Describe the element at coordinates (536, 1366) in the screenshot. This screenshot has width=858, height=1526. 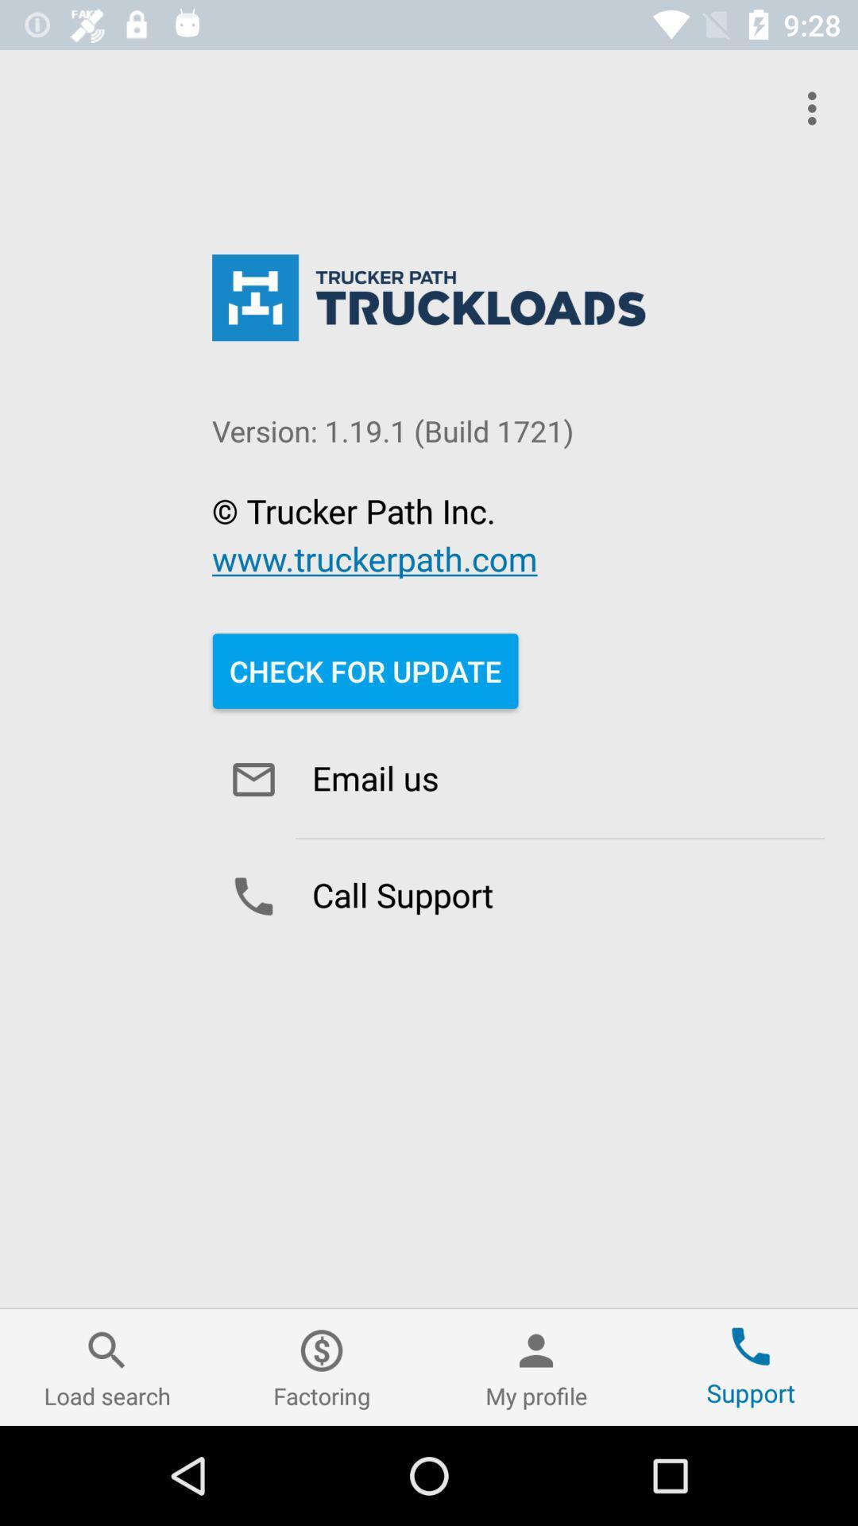
I see `the my profile icon` at that location.